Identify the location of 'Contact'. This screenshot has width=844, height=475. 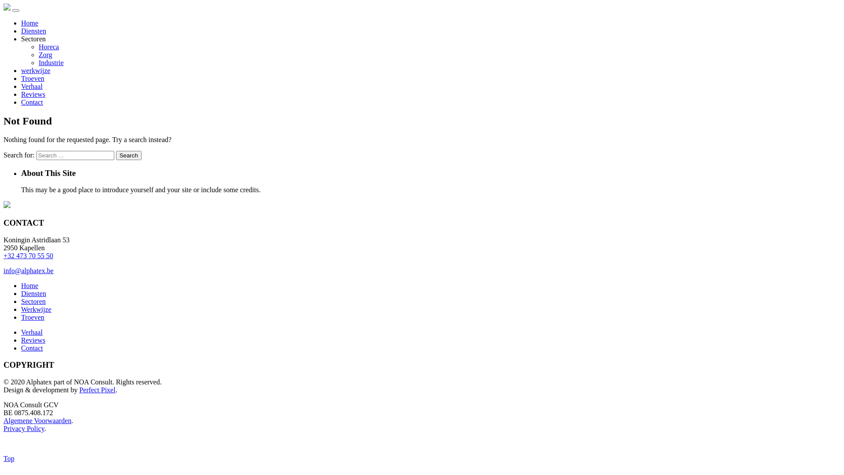
(32, 102).